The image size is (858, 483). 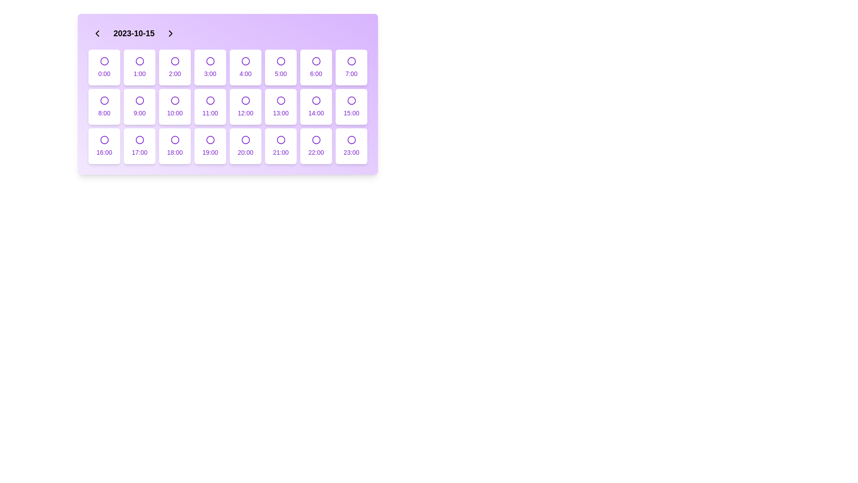 I want to click on the date display text label, which is positioned between navigational chevrons, to interact with it, so click(x=134, y=33).